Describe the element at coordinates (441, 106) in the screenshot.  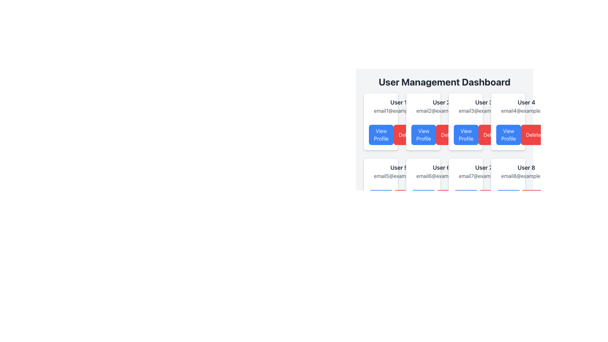
I see `the Text Display element showing 'User 2' and 'email2@example.com' in the User Management Dashboard` at that location.